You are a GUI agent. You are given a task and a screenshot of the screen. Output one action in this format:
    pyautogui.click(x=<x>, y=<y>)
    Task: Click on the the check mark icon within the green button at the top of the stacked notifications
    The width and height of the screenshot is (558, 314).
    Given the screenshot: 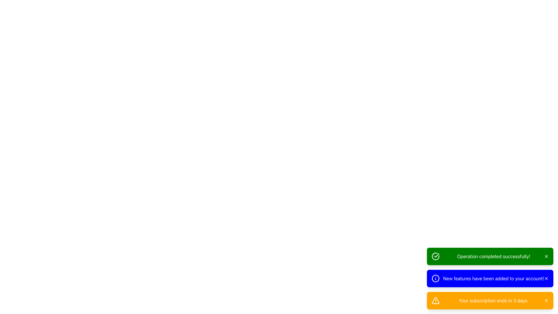 What is the action you would take?
    pyautogui.click(x=437, y=255)
    